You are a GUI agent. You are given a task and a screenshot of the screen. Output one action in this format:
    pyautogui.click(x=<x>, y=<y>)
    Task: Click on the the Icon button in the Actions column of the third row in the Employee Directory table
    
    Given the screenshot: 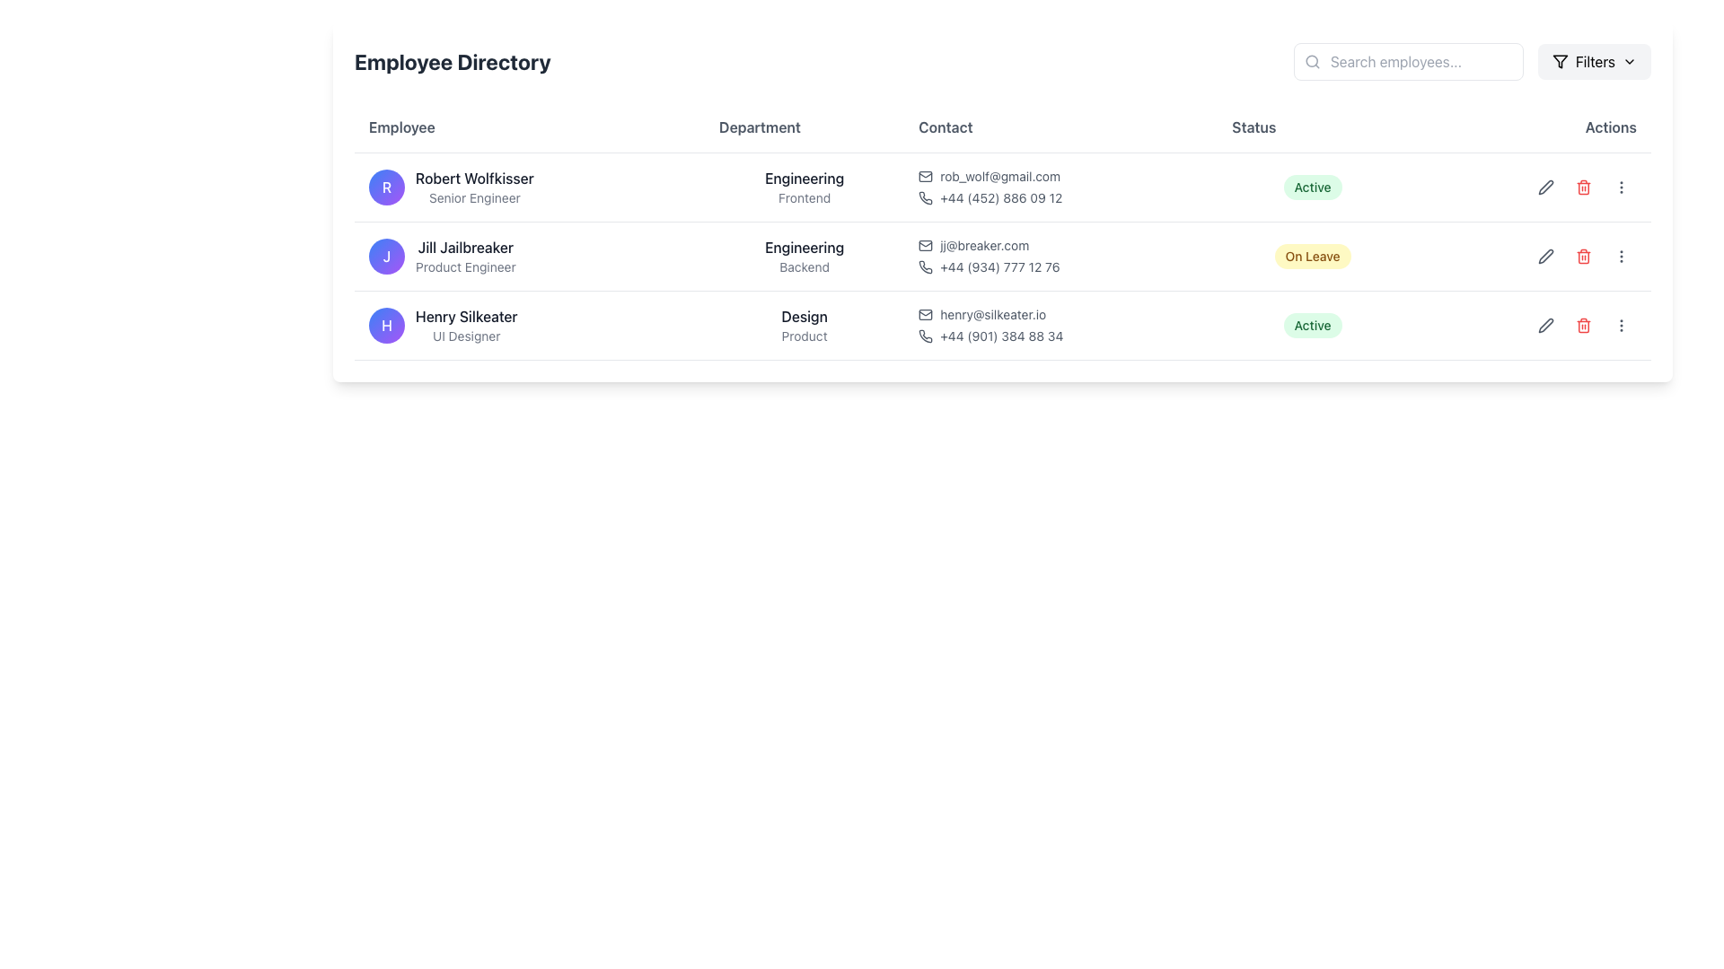 What is the action you would take?
    pyautogui.click(x=1545, y=325)
    